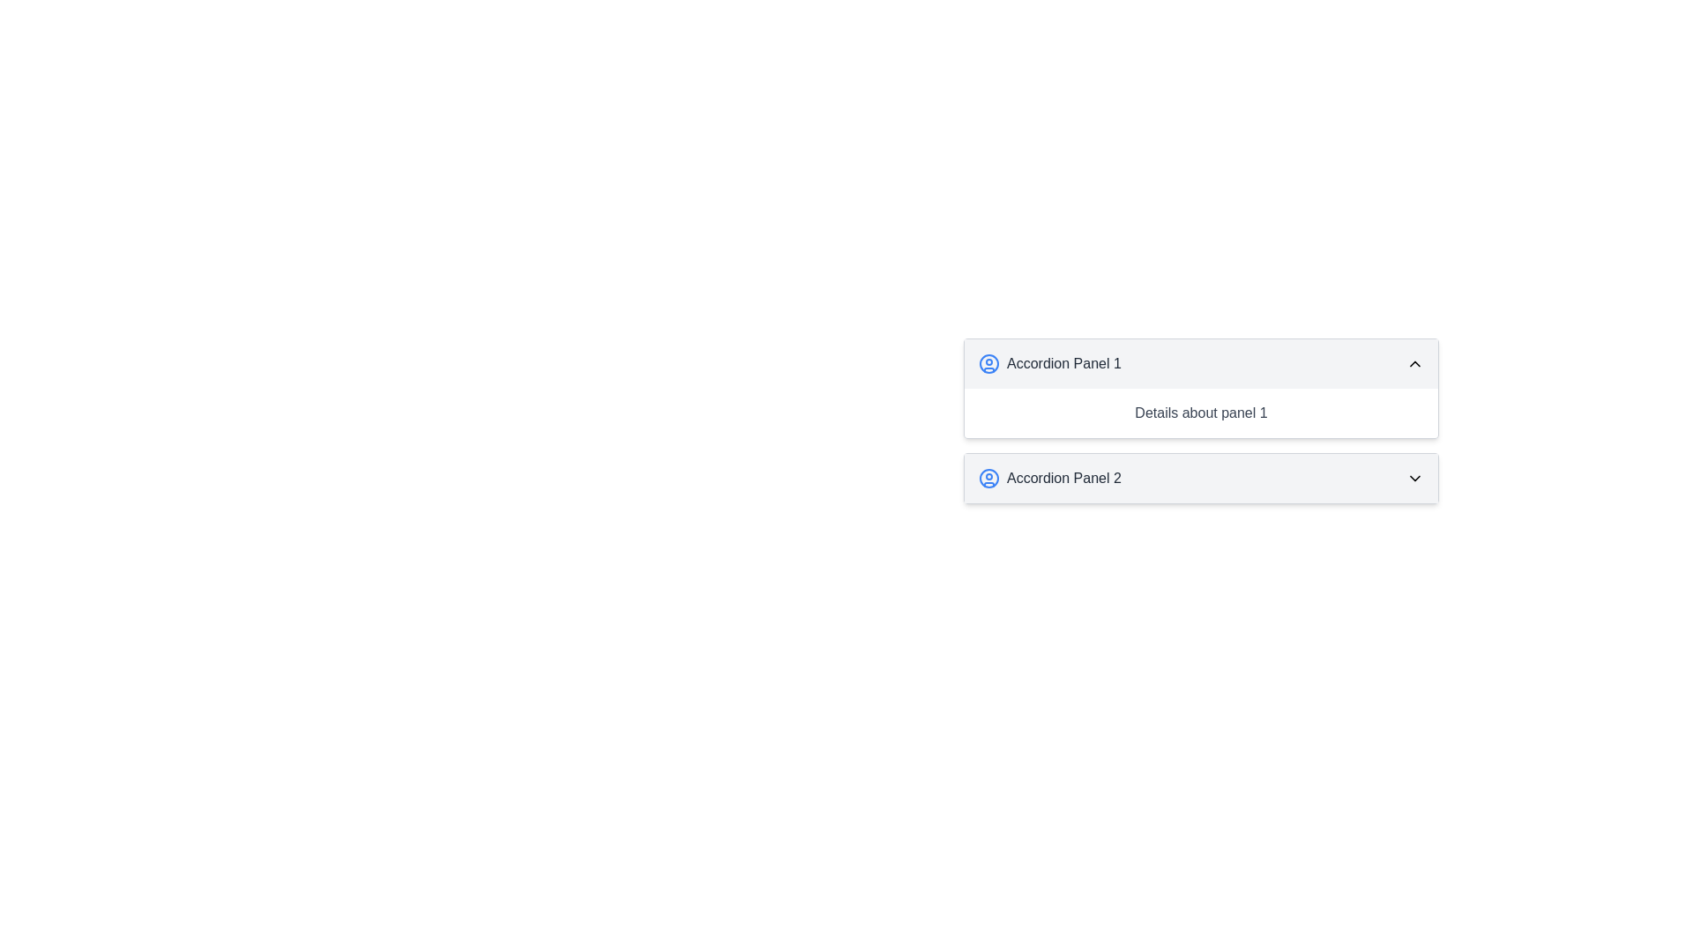 This screenshot has height=952, width=1693. Describe the element at coordinates (989, 479) in the screenshot. I see `the circular icon with a blue outline that represents a user's profile, located to the left of the text 'Accordion Panel 2' in the second panel of the accordion-style interface` at that location.